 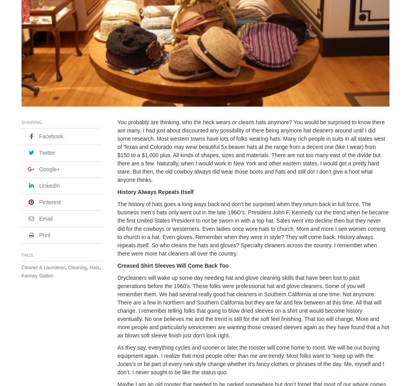 I want to click on 'The history of hats goes a long ways back and don’t be surprised when they return back in full force. The business men’s hats only went out in the late 196O’s. President John F. Kennedy cut the trend when he became the first United States President to not be sworn in with a top hat. Sales went into decline then but they never did for the cowboys or westerners. Even ladies once wore hats to church. More and more I see women coming to church in a hat. Even gloves. Remember when they were in style? They will come back. History always repeats itself. So who cleans the hats and gloves? Specialty cleaners across the country. I remember when there were more hat cleaners all over the country.', so click(x=117, y=229).